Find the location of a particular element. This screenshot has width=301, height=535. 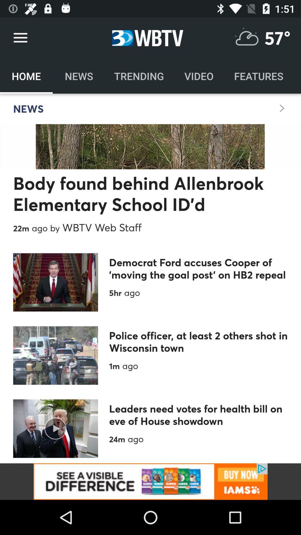

the option beside home is located at coordinates (79, 76).